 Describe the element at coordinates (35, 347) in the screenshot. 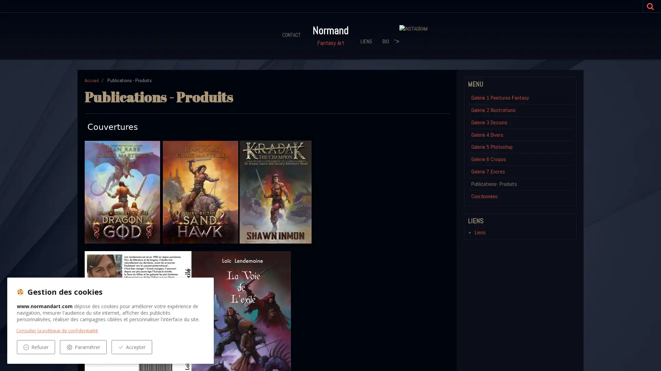

I see `Refuser` at that location.